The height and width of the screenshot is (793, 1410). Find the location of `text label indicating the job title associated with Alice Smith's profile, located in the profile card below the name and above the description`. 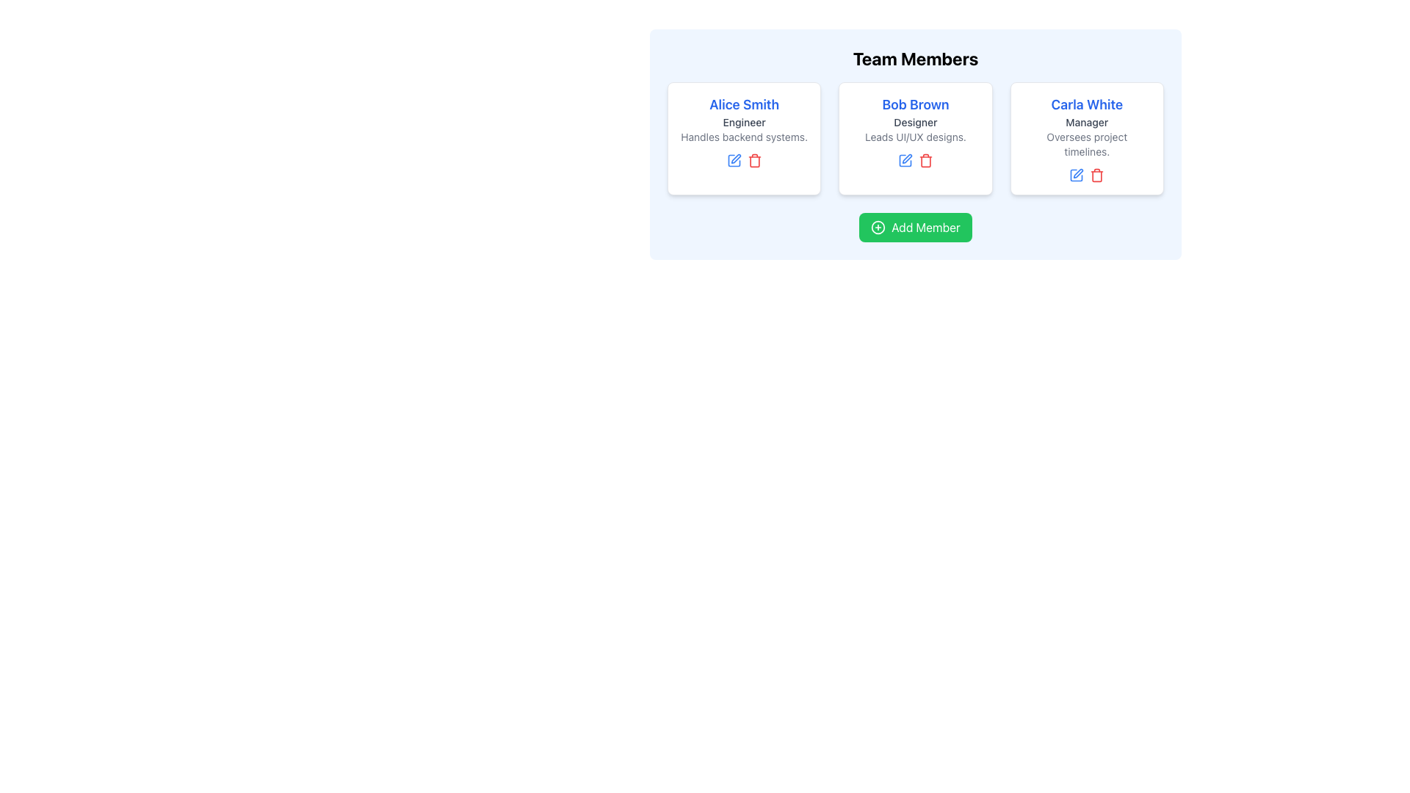

text label indicating the job title associated with Alice Smith's profile, located in the profile card below the name and above the description is located at coordinates (744, 121).